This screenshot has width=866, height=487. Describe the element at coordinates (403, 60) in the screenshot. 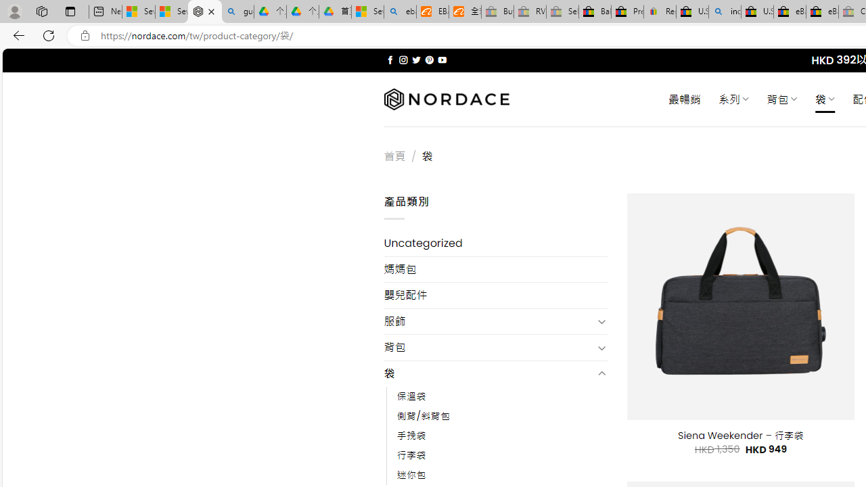

I see `'Follow on Instagram'` at that location.